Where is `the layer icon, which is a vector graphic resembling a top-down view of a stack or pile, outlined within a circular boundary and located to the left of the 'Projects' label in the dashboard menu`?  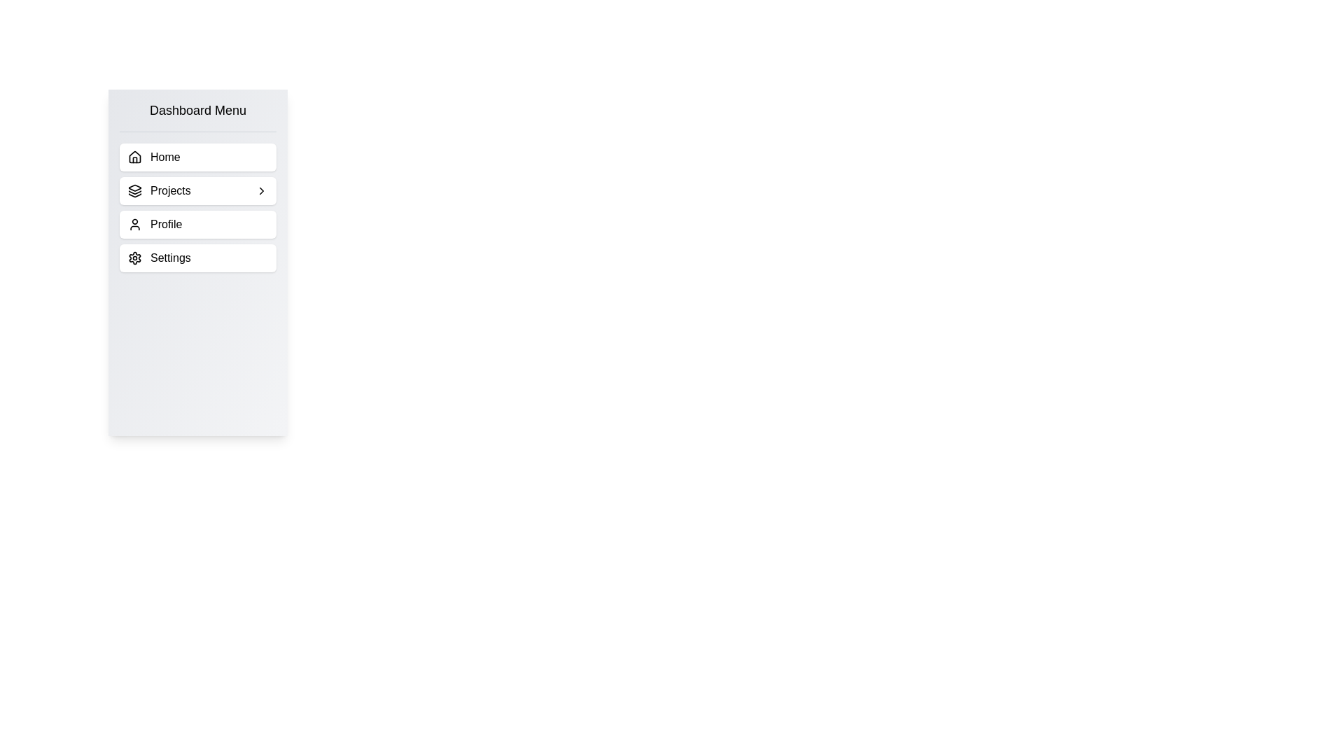 the layer icon, which is a vector graphic resembling a top-down view of a stack or pile, outlined within a circular boundary and located to the left of the 'Projects' label in the dashboard menu is located at coordinates (134, 187).